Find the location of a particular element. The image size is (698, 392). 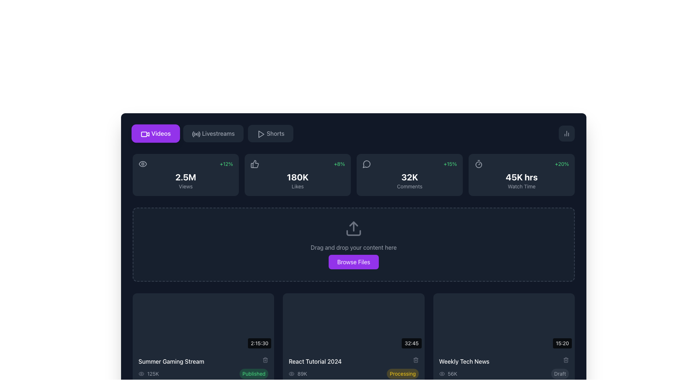

text label displaying '+12%' in a small green font located in the 'Views' card, positioned adjacent to '2.5M' is located at coordinates (226, 164).